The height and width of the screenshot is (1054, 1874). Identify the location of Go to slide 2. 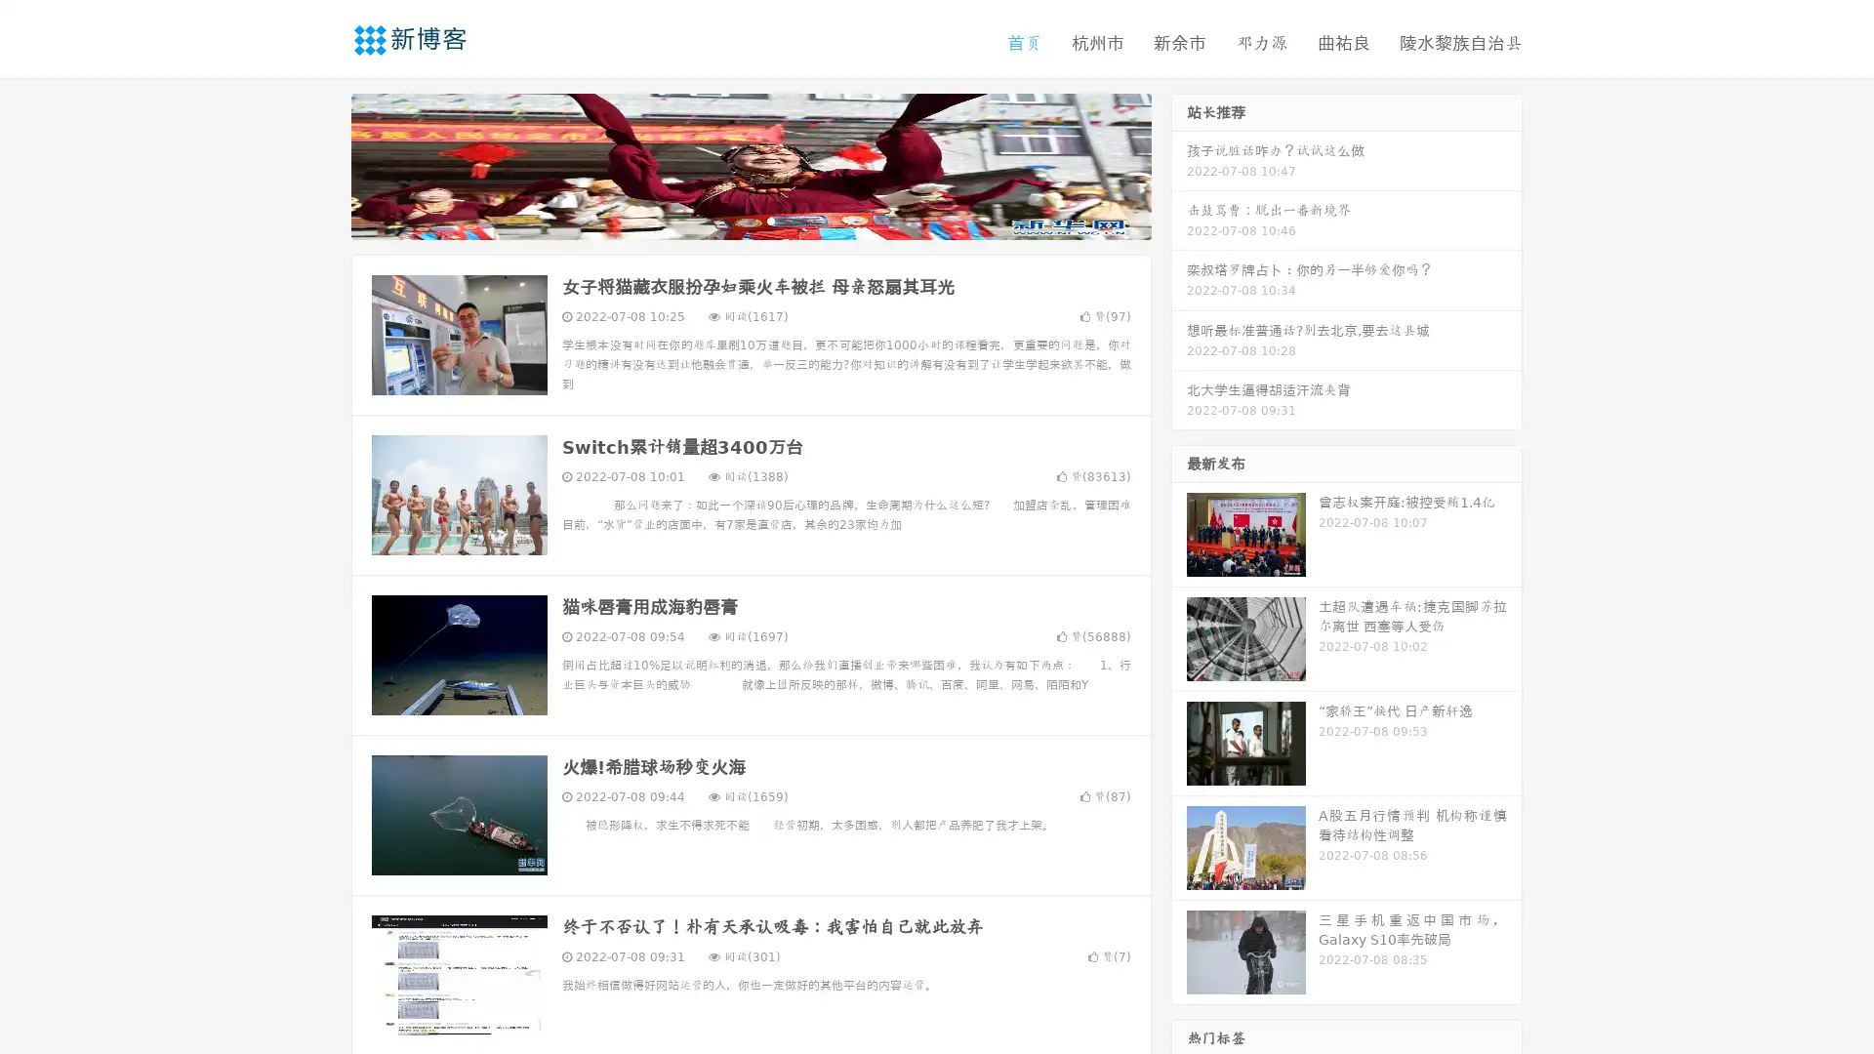
(750, 220).